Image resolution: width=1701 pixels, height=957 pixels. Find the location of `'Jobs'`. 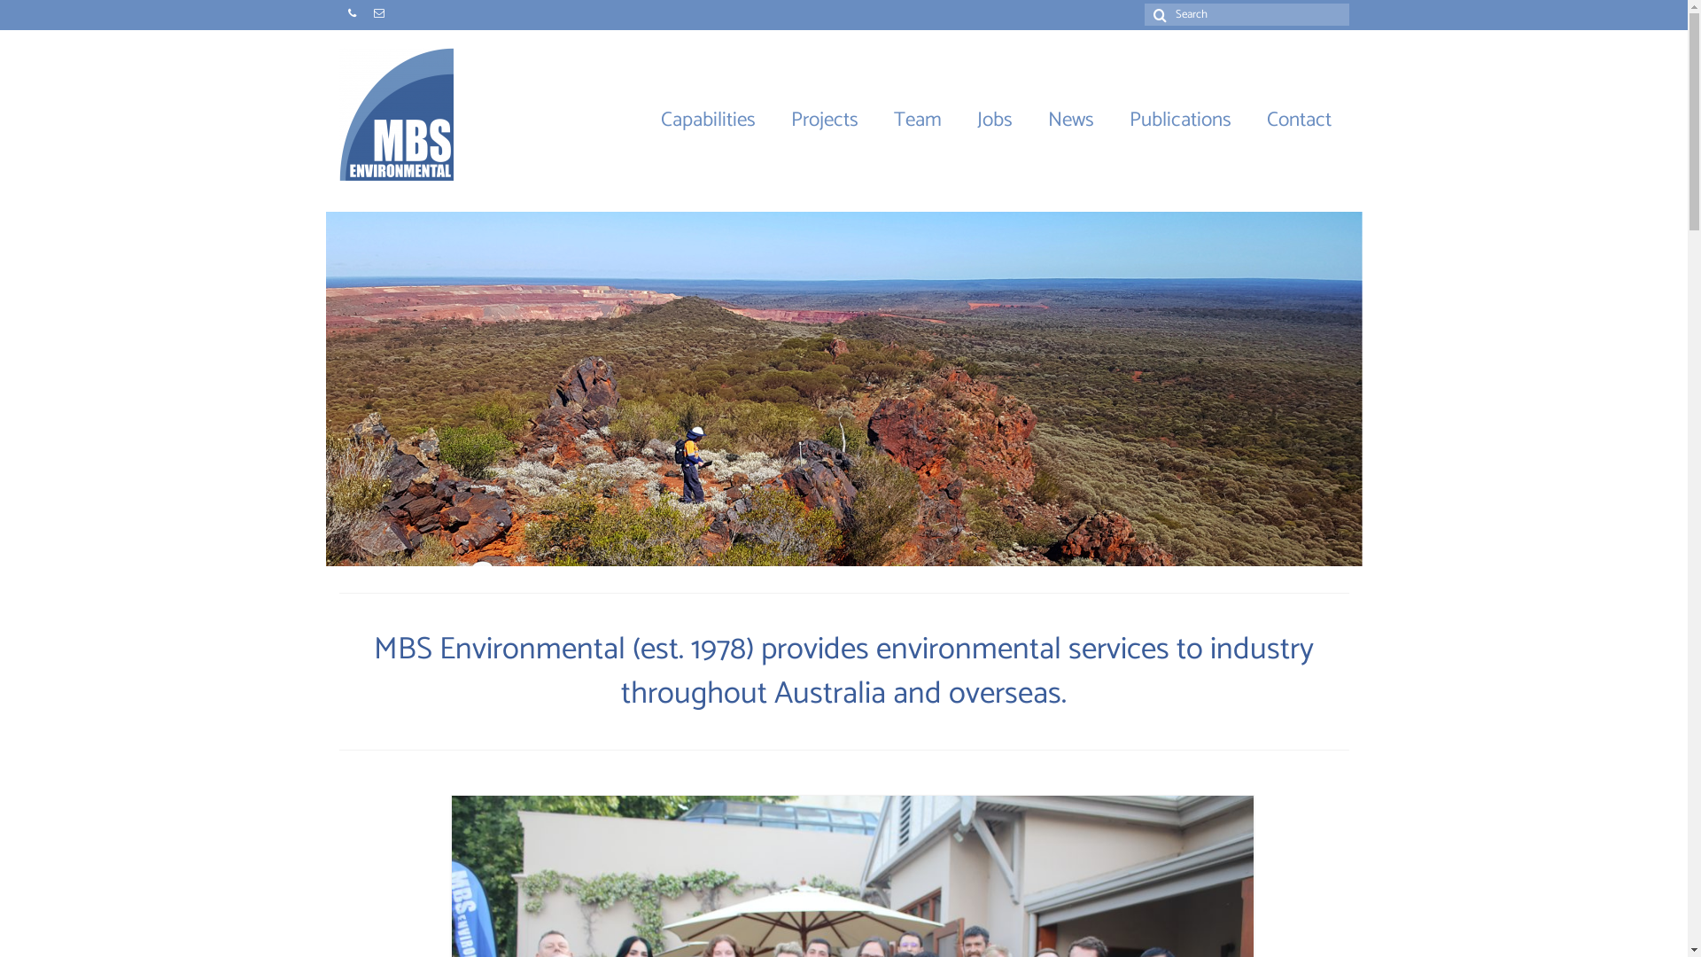

'Jobs' is located at coordinates (994, 120).